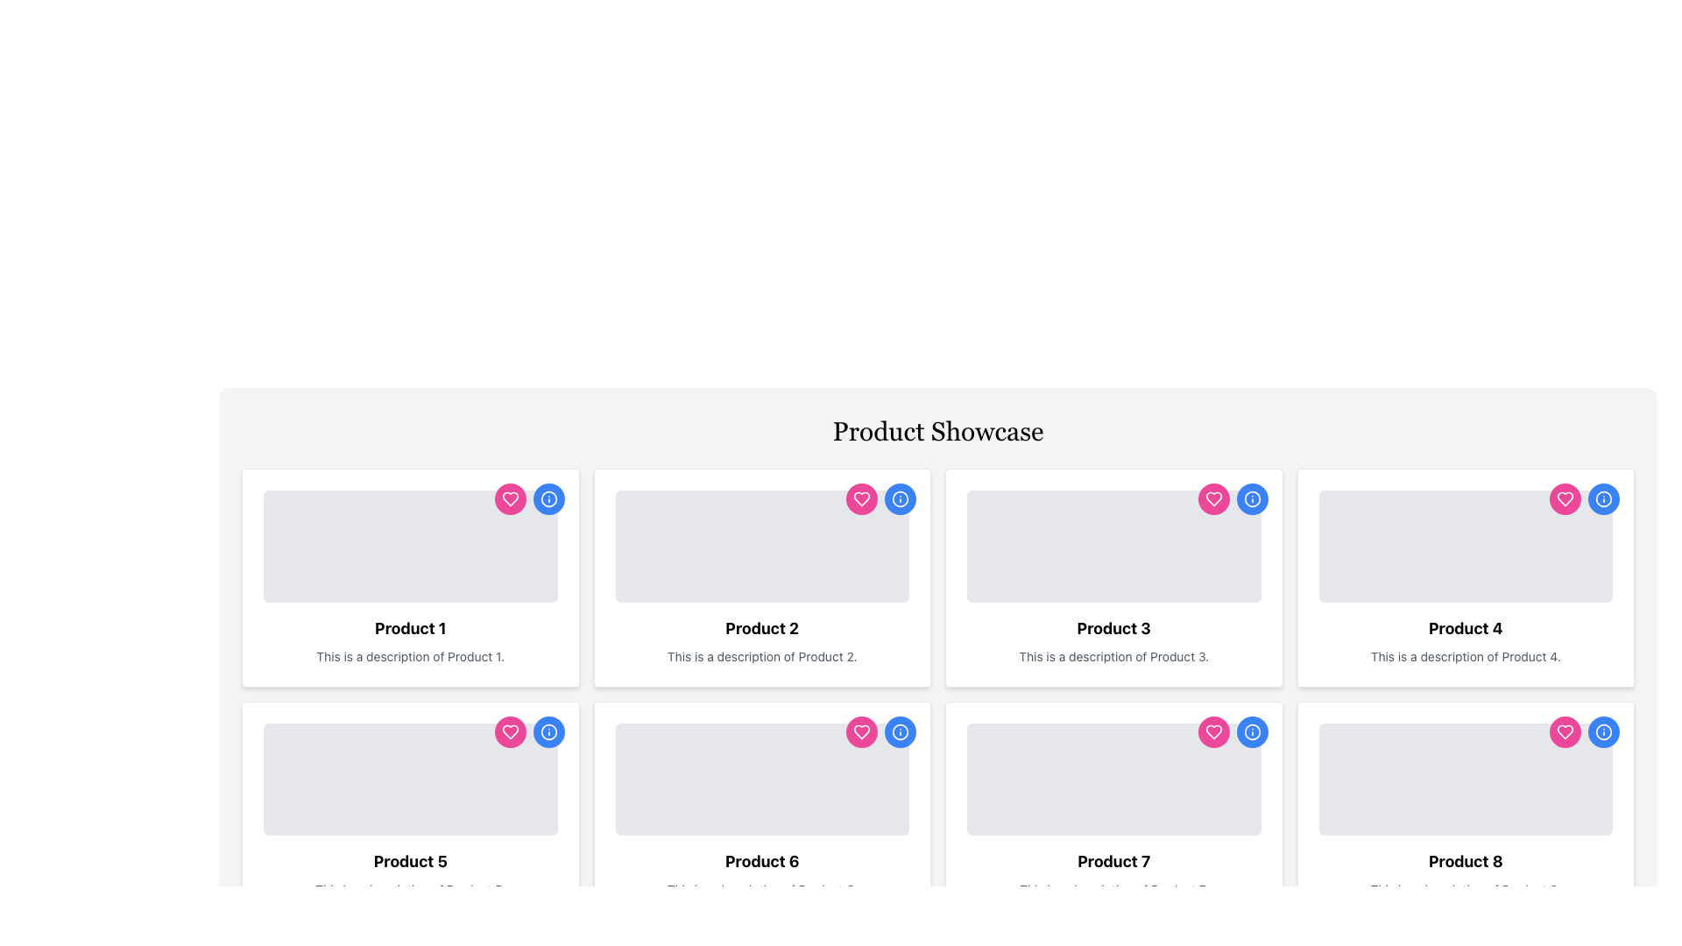 Image resolution: width=1682 pixels, height=946 pixels. What do you see at coordinates (861, 499) in the screenshot?
I see `the circular button with a pink background and a white heart icon located in the top-right corner of the card labeled 'Product 2'` at bounding box center [861, 499].